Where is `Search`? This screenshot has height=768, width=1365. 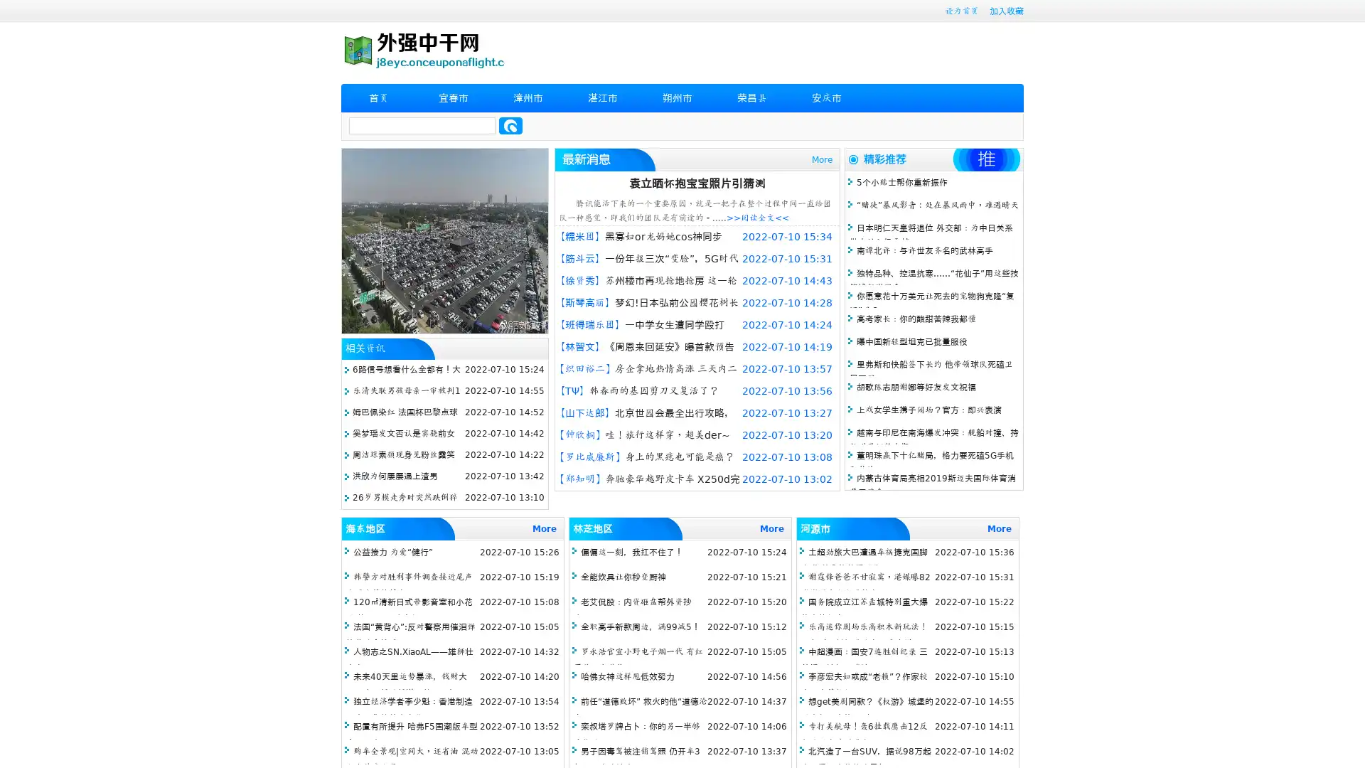
Search is located at coordinates (510, 125).